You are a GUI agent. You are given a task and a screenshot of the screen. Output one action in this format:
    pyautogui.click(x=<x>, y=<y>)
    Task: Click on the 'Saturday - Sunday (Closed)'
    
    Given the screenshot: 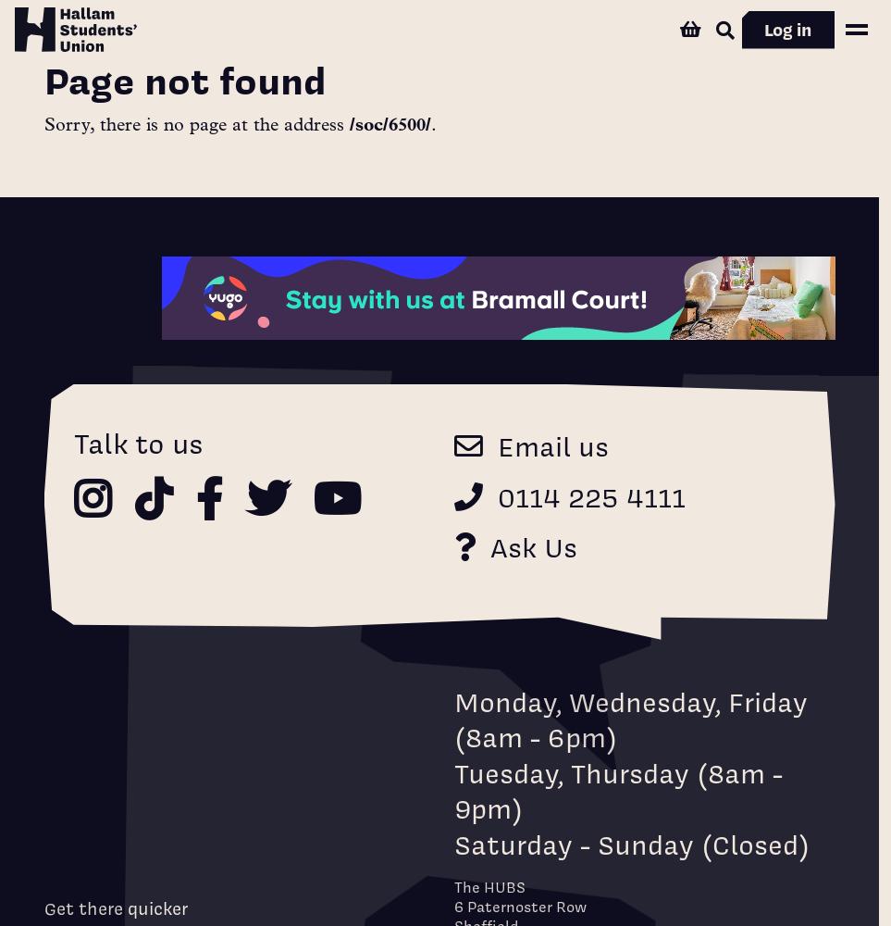 What is the action you would take?
    pyautogui.click(x=631, y=843)
    